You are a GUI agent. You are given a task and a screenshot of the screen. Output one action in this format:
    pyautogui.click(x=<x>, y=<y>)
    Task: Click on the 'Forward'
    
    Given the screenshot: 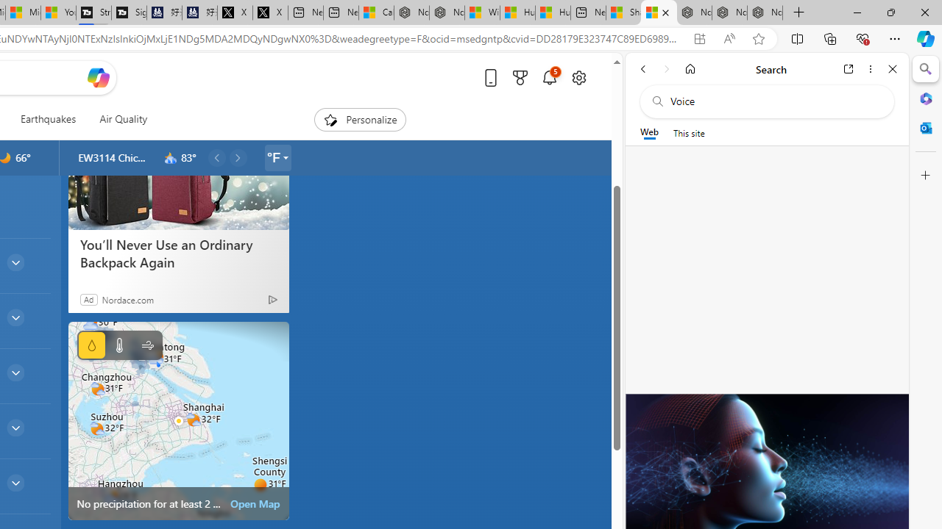 What is the action you would take?
    pyautogui.click(x=666, y=68)
    